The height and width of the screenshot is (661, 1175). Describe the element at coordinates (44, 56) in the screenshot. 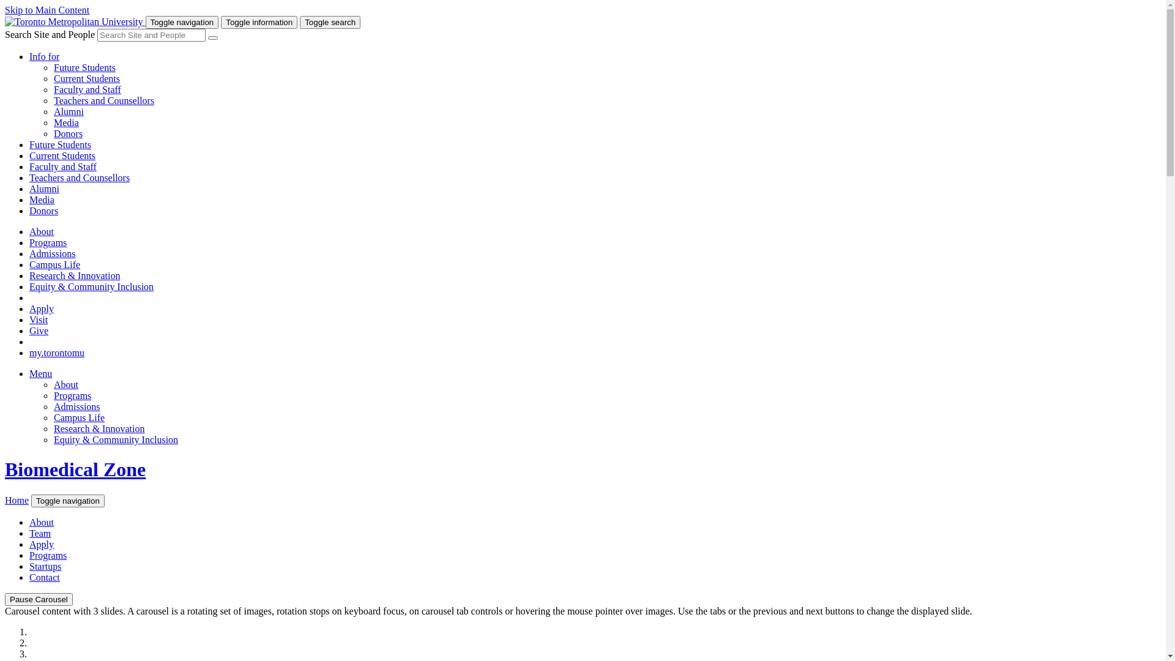

I see `'Info for'` at that location.